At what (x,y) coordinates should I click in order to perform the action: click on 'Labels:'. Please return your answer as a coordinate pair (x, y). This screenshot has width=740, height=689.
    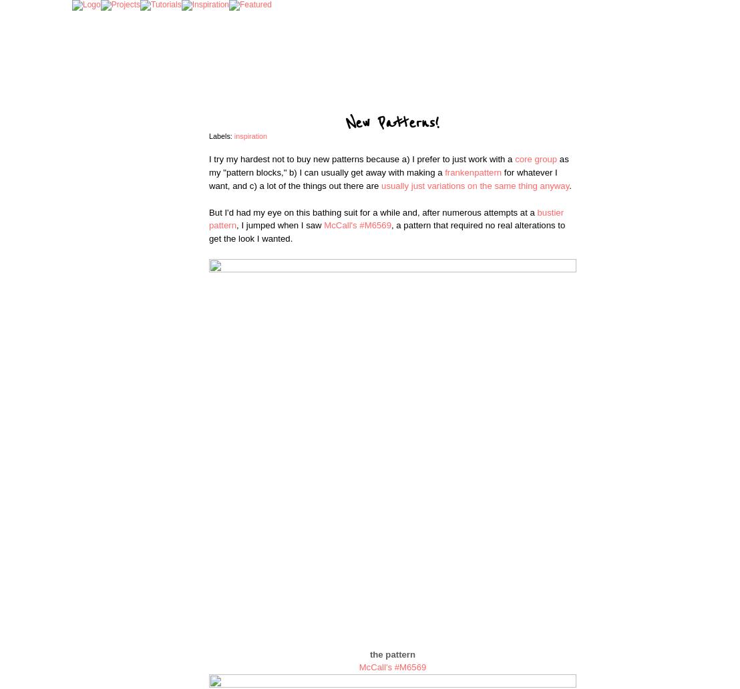
    Looking at the image, I should click on (220, 136).